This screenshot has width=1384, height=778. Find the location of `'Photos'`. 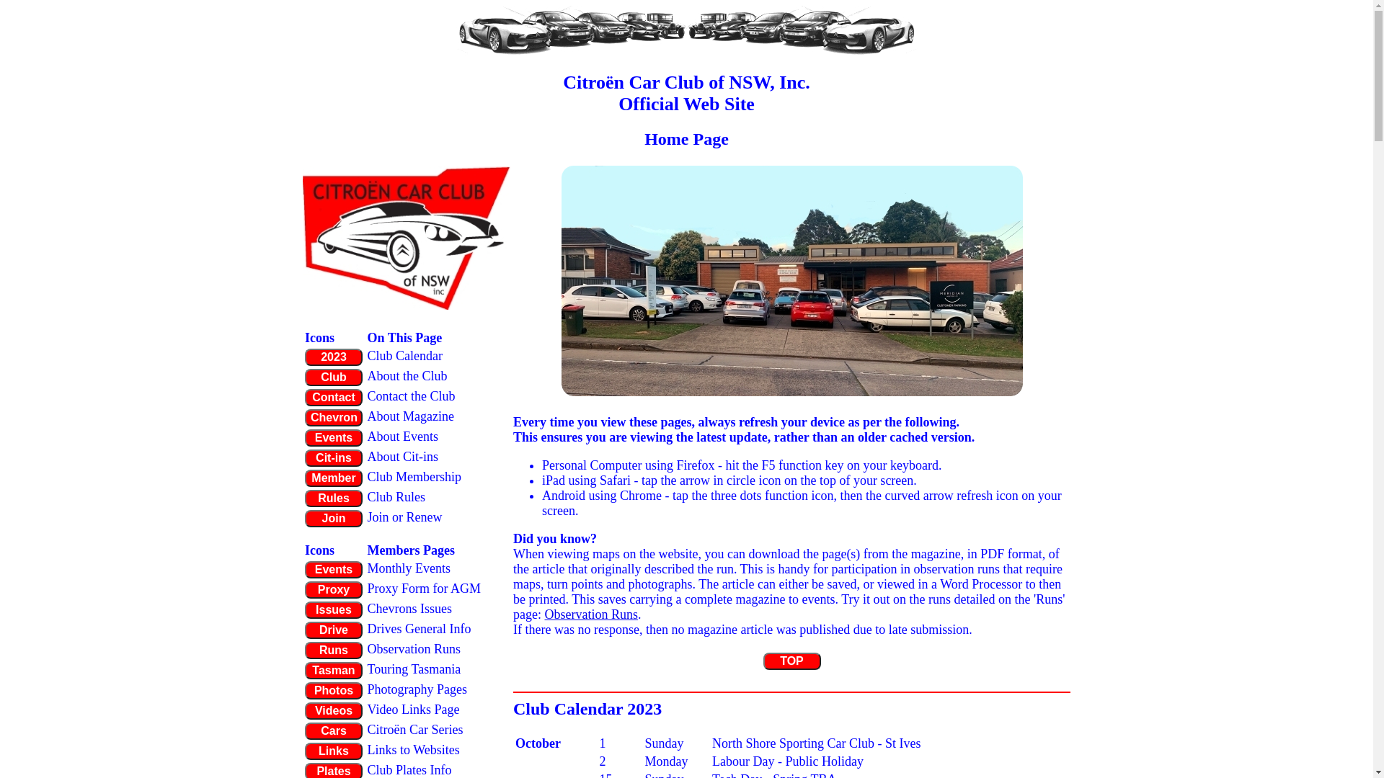

'Photos' is located at coordinates (332, 690).